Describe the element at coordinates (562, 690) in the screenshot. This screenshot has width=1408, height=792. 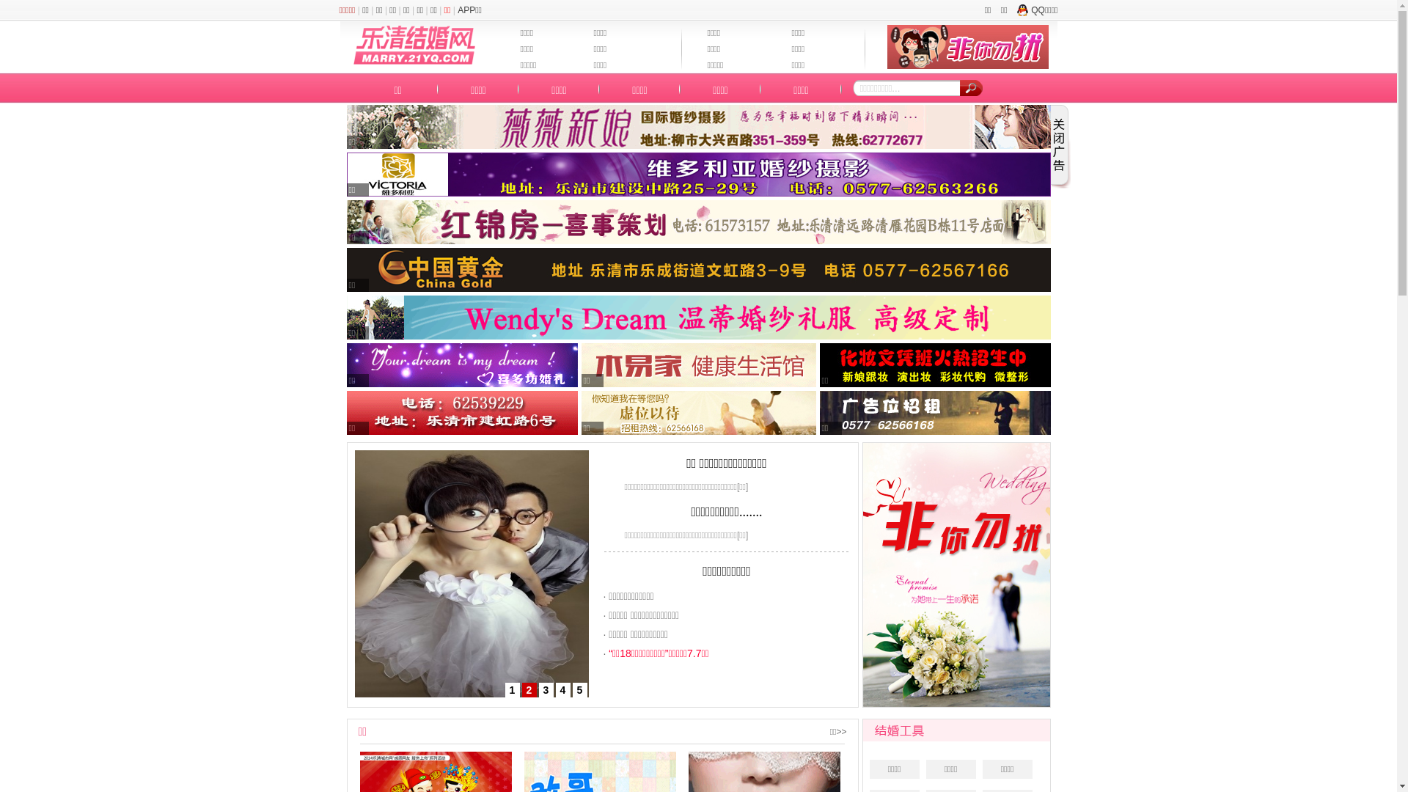
I see `'4'` at that location.